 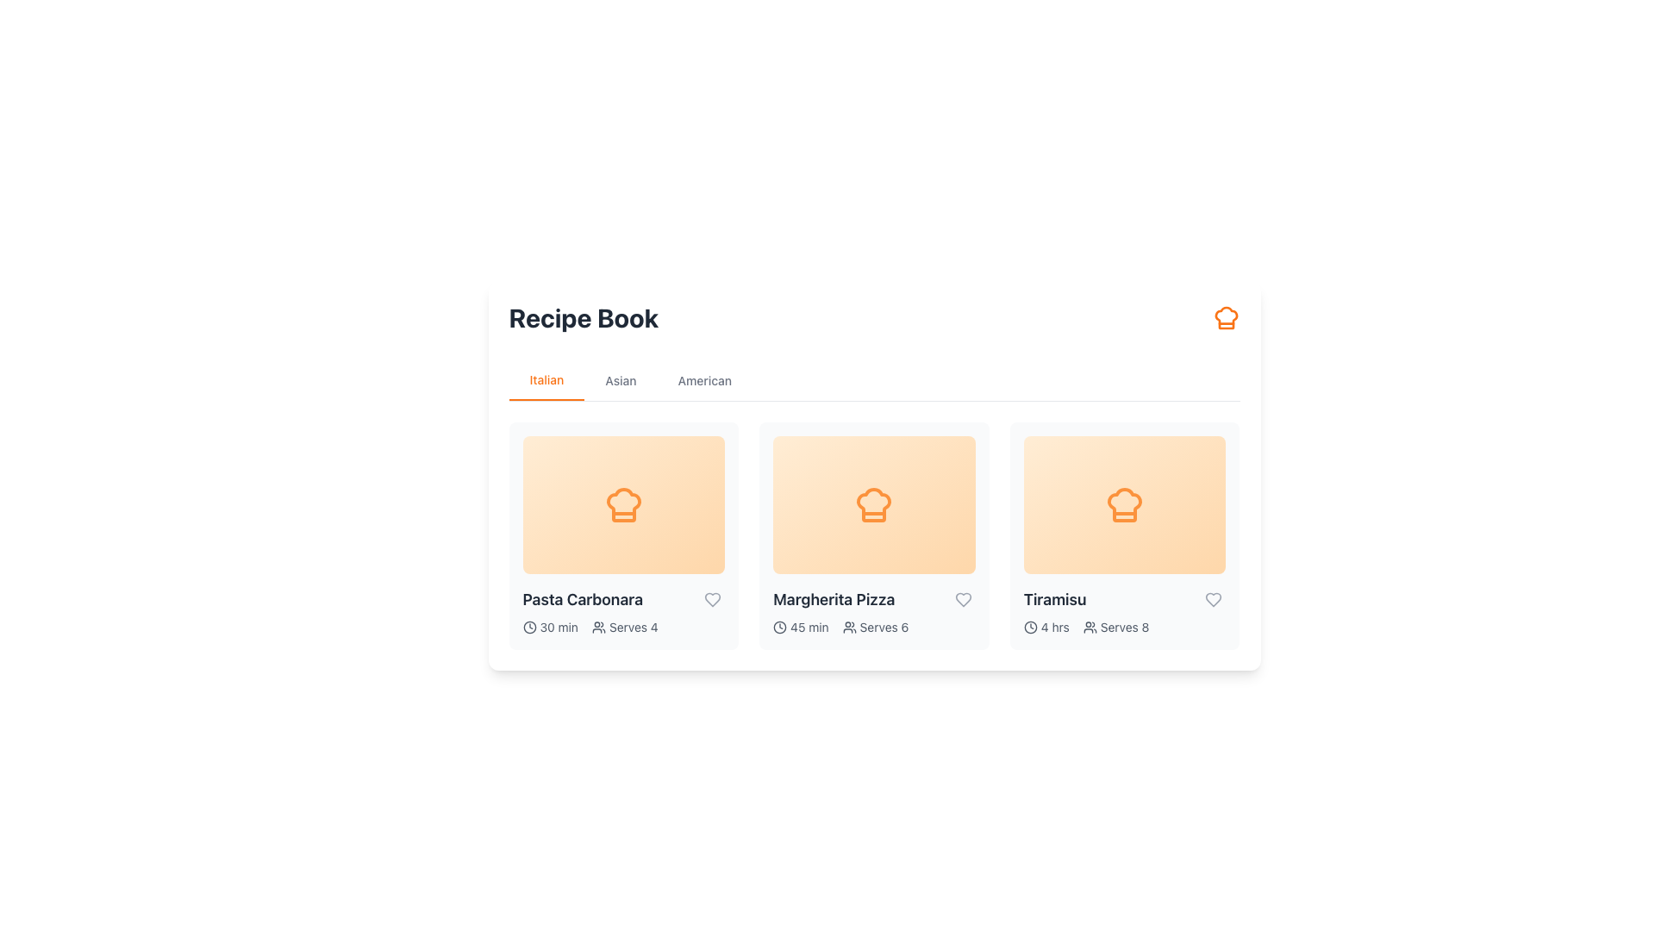 I want to click on the like icon located at the bottom-right corner of the 'Margherita Pizza' recipe card to favorite the recipe, so click(x=962, y=598).